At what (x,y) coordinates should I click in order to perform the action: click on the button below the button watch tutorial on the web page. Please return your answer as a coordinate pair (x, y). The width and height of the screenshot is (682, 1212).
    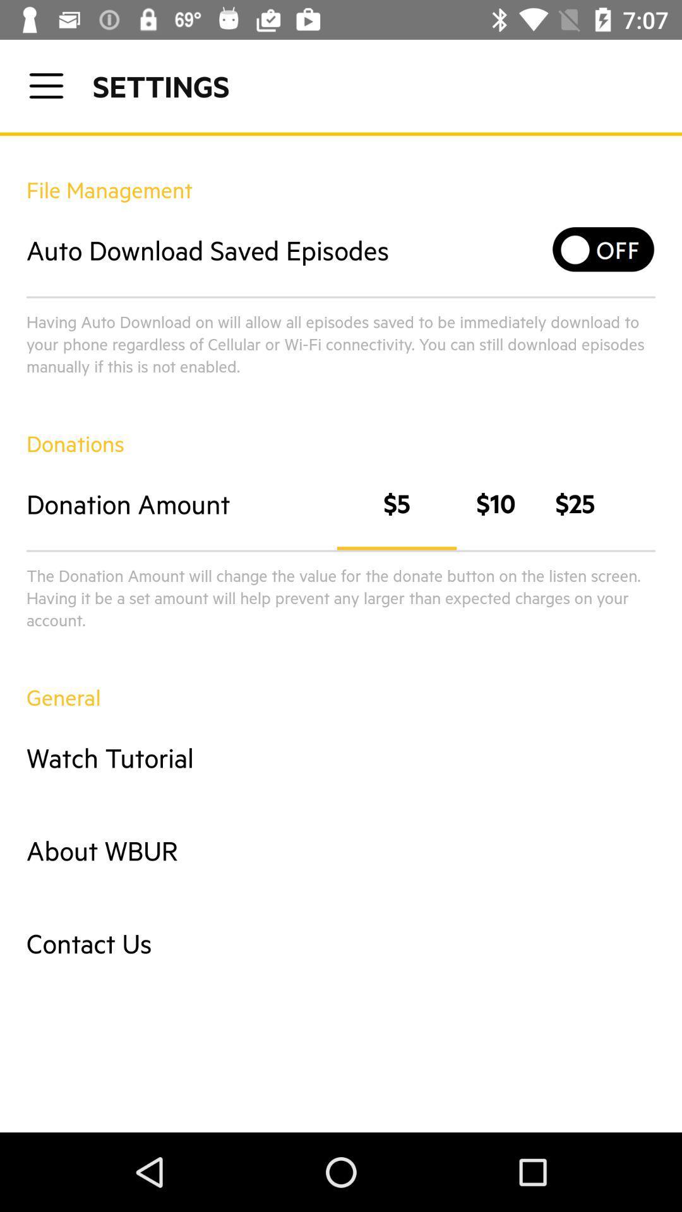
    Looking at the image, I should click on (341, 850).